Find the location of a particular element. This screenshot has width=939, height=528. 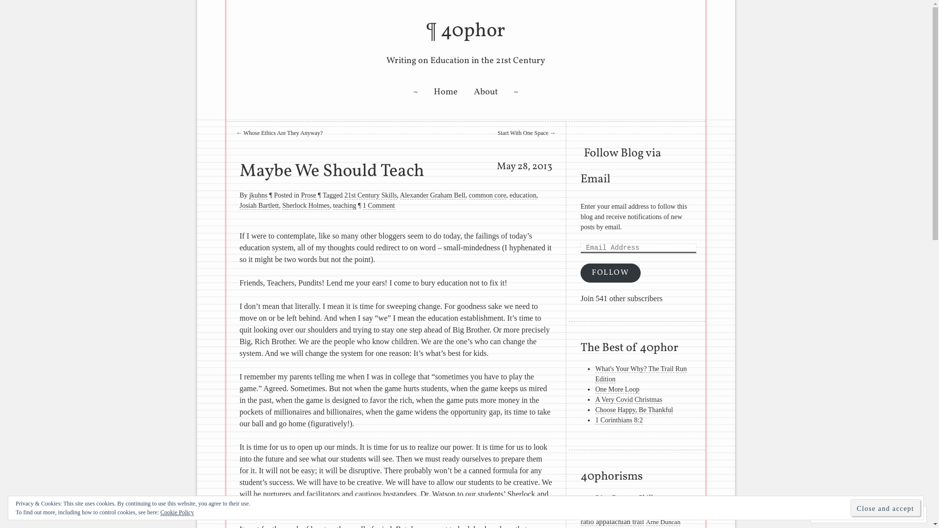

'Sherlock Holmes' is located at coordinates (305, 205).